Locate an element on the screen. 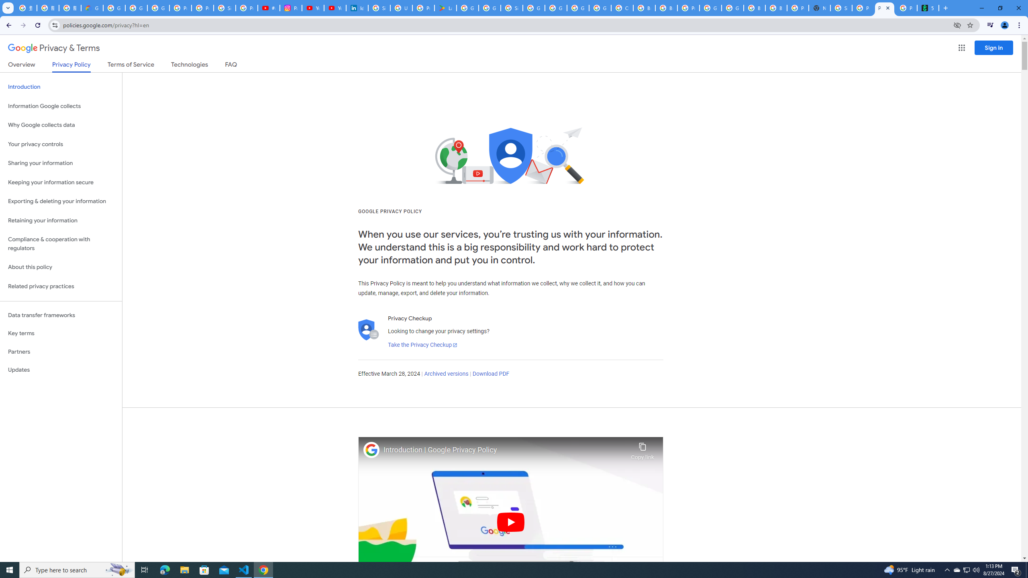 The width and height of the screenshot is (1028, 578). 'Last Shelter: Survival - Apps on Google Play' is located at coordinates (445, 8).